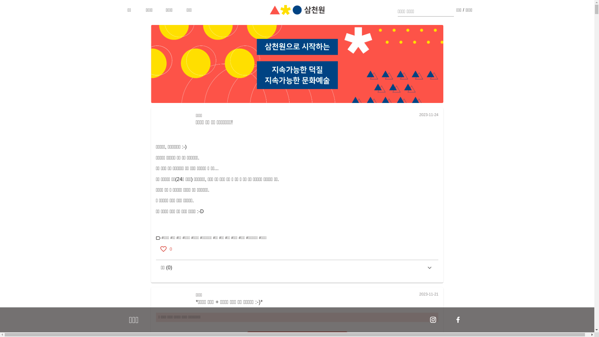 This screenshot has height=337, width=599. I want to click on '0', so click(166, 249).